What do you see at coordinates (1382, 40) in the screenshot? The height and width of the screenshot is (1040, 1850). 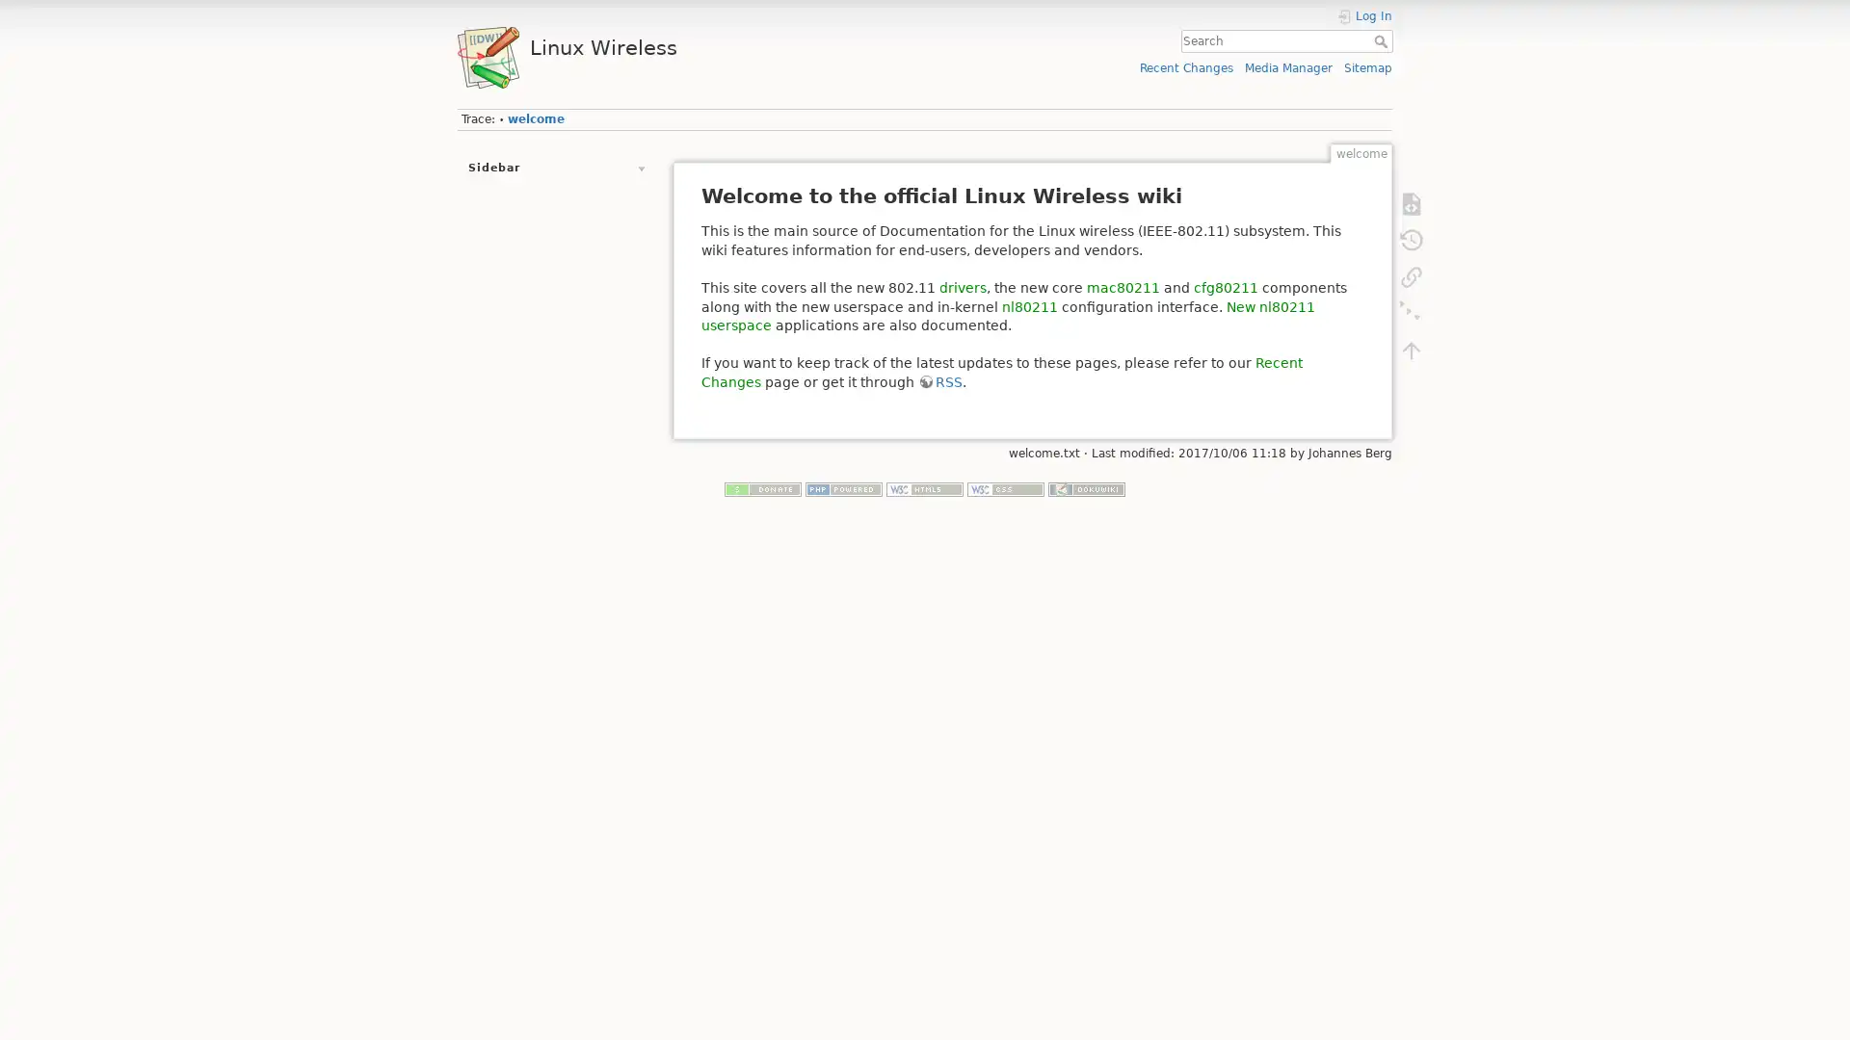 I see `Search` at bounding box center [1382, 40].